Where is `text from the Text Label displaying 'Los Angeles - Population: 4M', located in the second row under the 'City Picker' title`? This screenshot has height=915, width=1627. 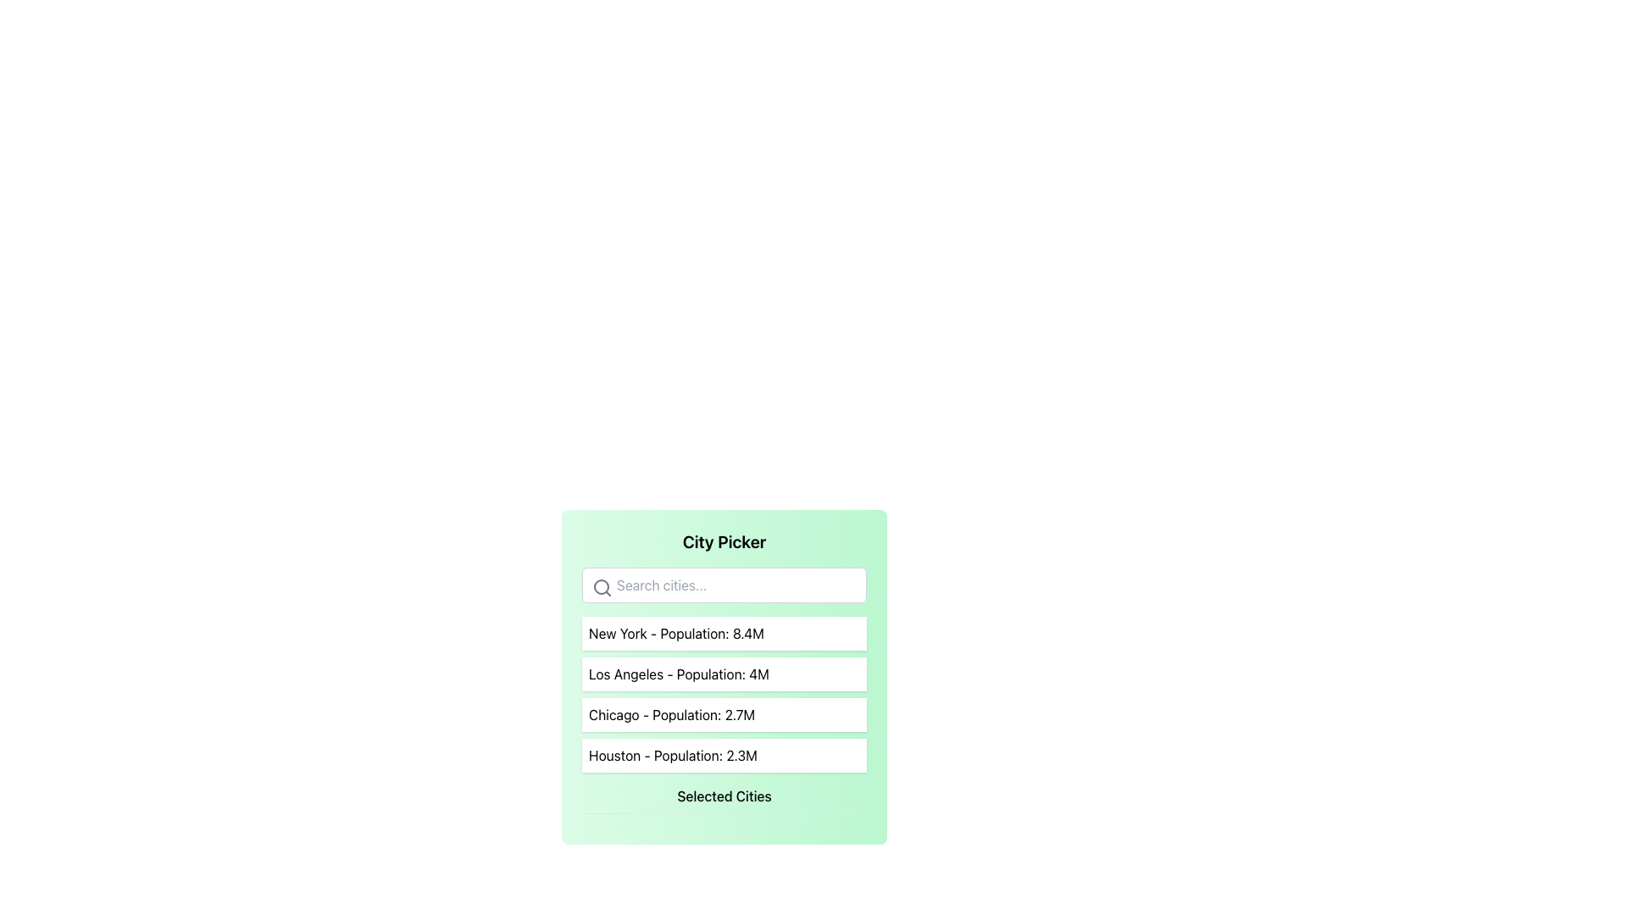
text from the Text Label displaying 'Los Angeles - Population: 4M', located in the second row under the 'City Picker' title is located at coordinates (679, 673).